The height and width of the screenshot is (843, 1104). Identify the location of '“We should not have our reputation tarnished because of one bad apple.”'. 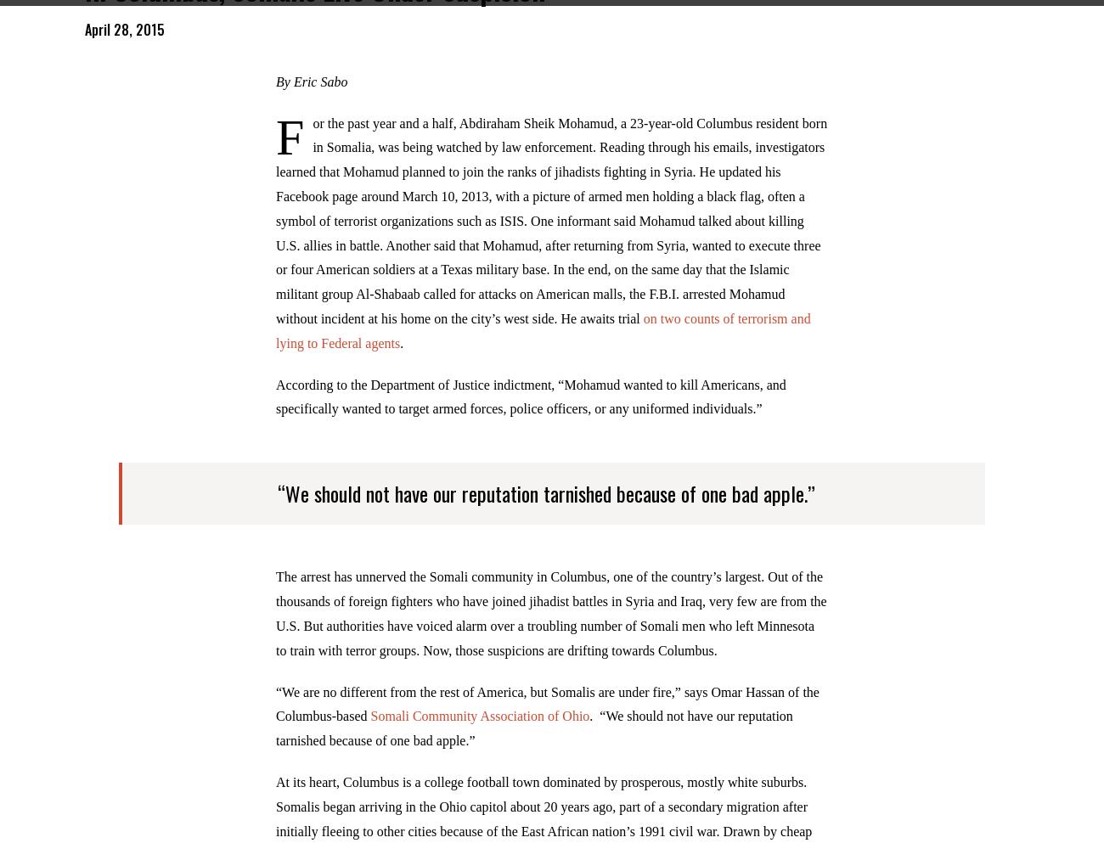
(546, 504).